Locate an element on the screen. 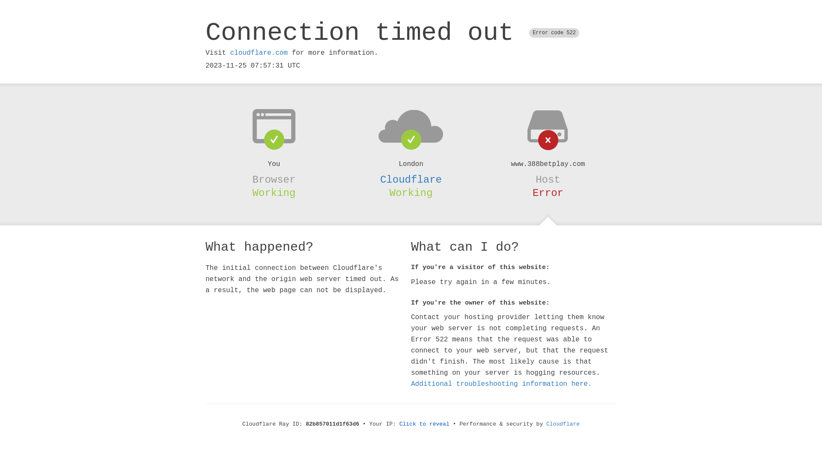  'Click to reveal' is located at coordinates (424, 424).